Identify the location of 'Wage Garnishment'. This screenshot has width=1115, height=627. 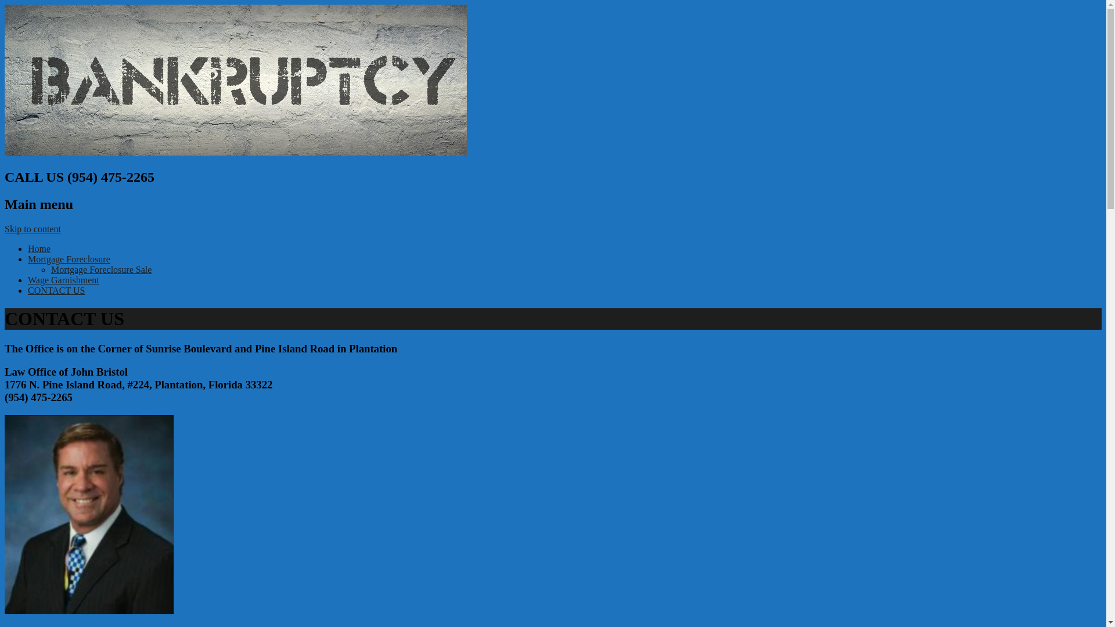
(63, 280).